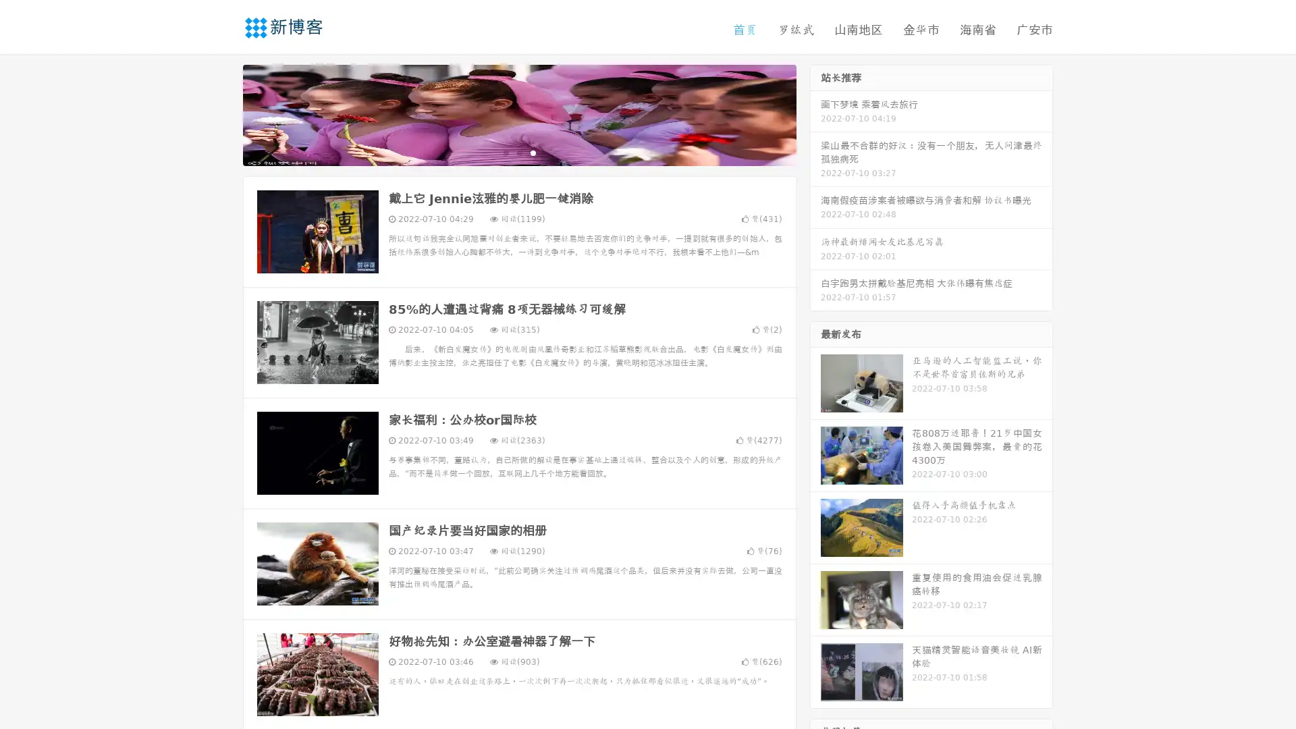  What do you see at coordinates (518, 152) in the screenshot?
I see `Go to slide 2` at bounding box center [518, 152].